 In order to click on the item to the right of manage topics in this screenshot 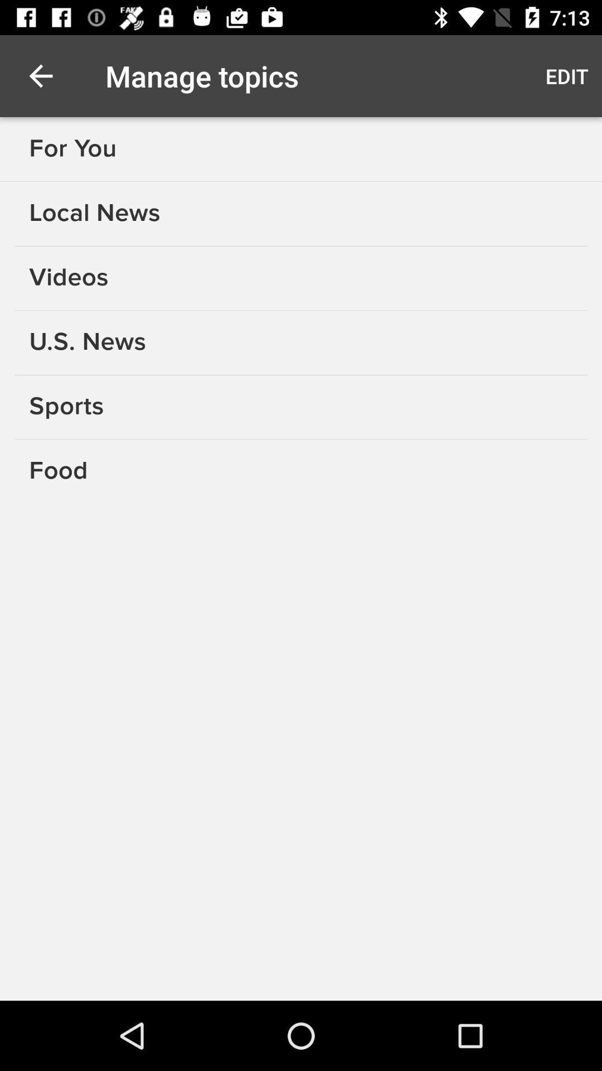, I will do `click(567, 75)`.